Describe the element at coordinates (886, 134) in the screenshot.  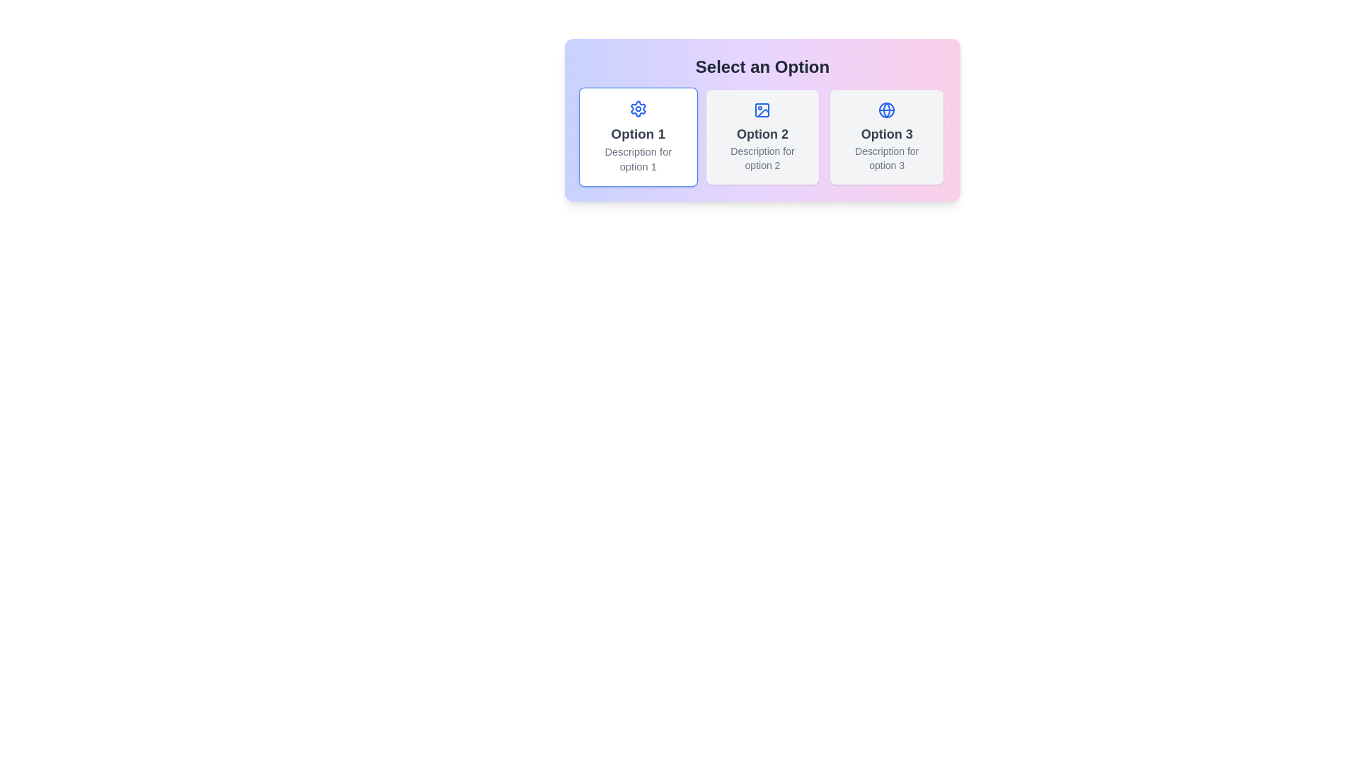
I see `displayed text of the bold gray text label that says 'Option 3', located centrally in the third column of the panel layout, above the descriptive text 'Description for option 3'` at that location.